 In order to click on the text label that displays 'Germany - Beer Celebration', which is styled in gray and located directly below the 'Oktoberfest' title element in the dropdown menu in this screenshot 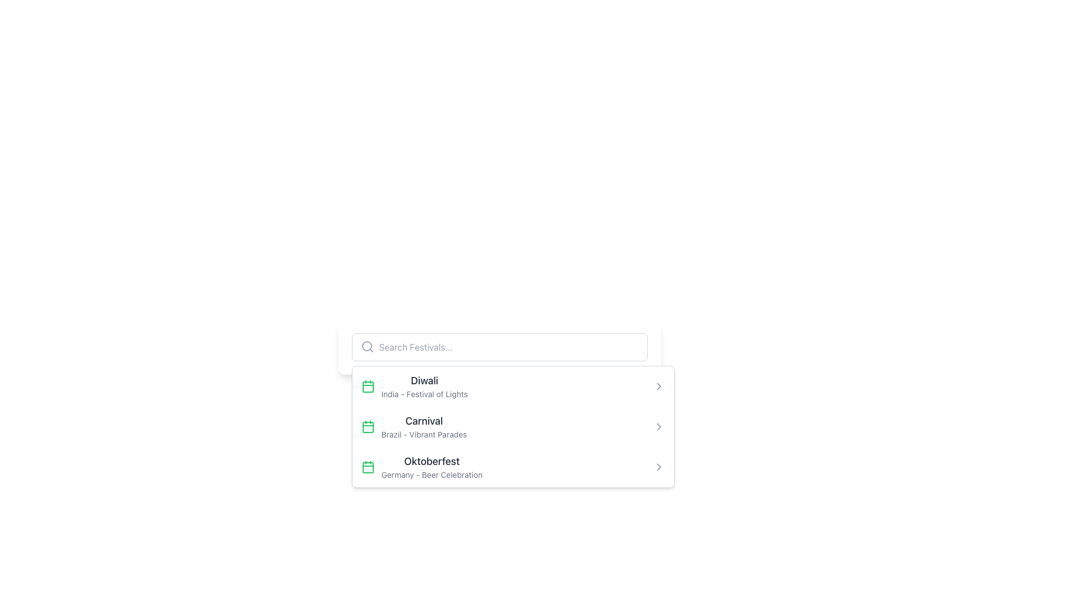, I will do `click(431, 475)`.